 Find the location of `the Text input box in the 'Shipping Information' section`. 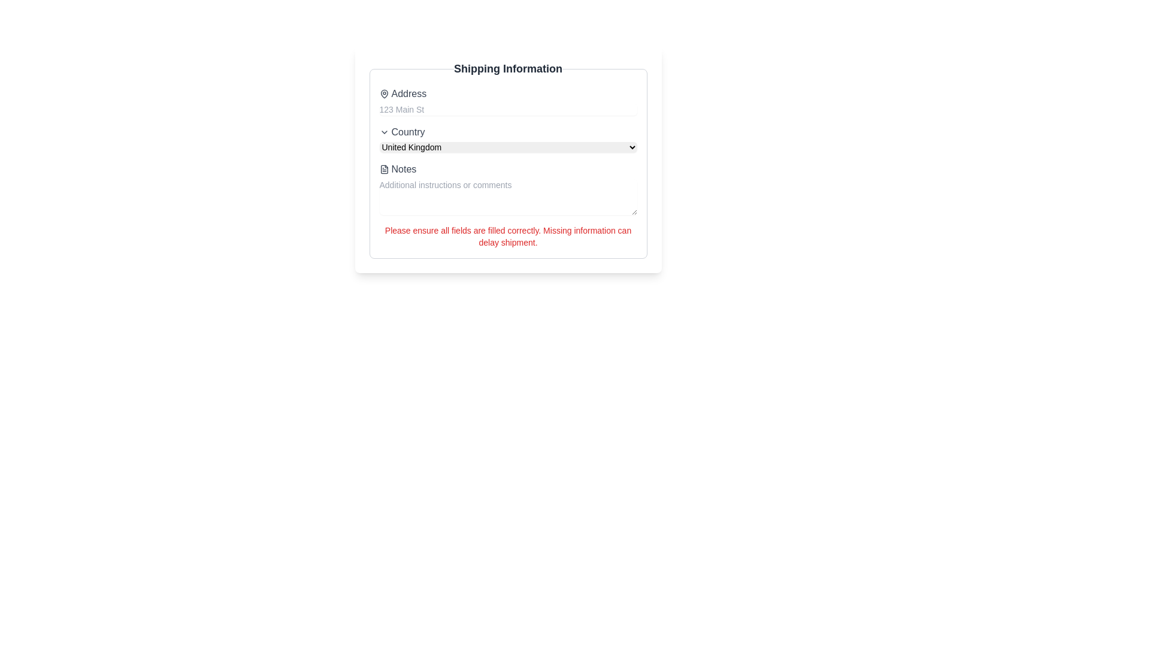

the Text input box in the 'Shipping Information' section is located at coordinates (508, 189).